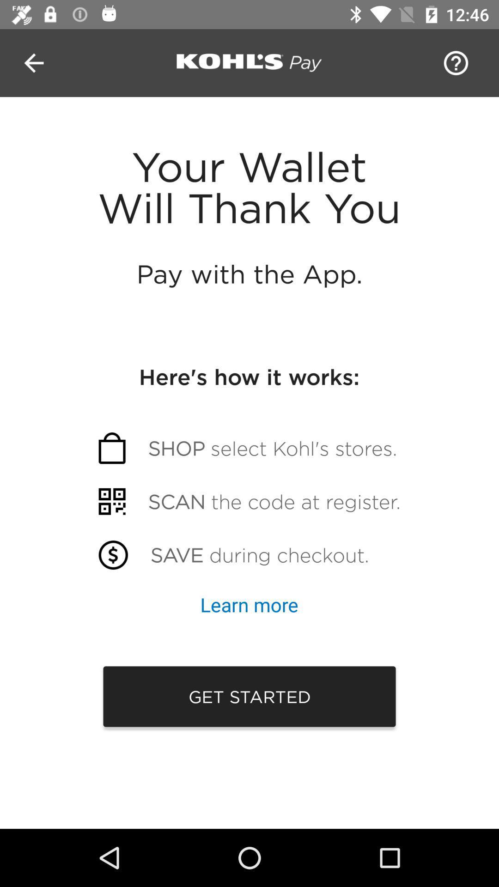 This screenshot has height=887, width=499. I want to click on the button which is above get started, so click(249, 604).